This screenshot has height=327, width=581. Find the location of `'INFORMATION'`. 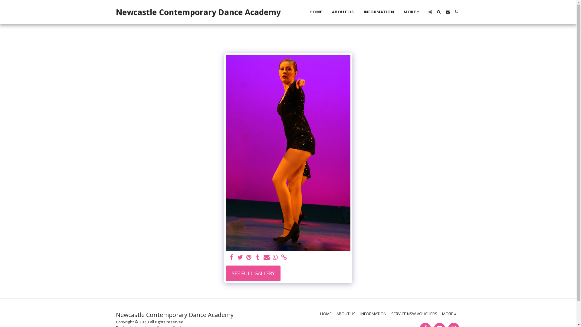

'INFORMATION' is located at coordinates (373, 313).